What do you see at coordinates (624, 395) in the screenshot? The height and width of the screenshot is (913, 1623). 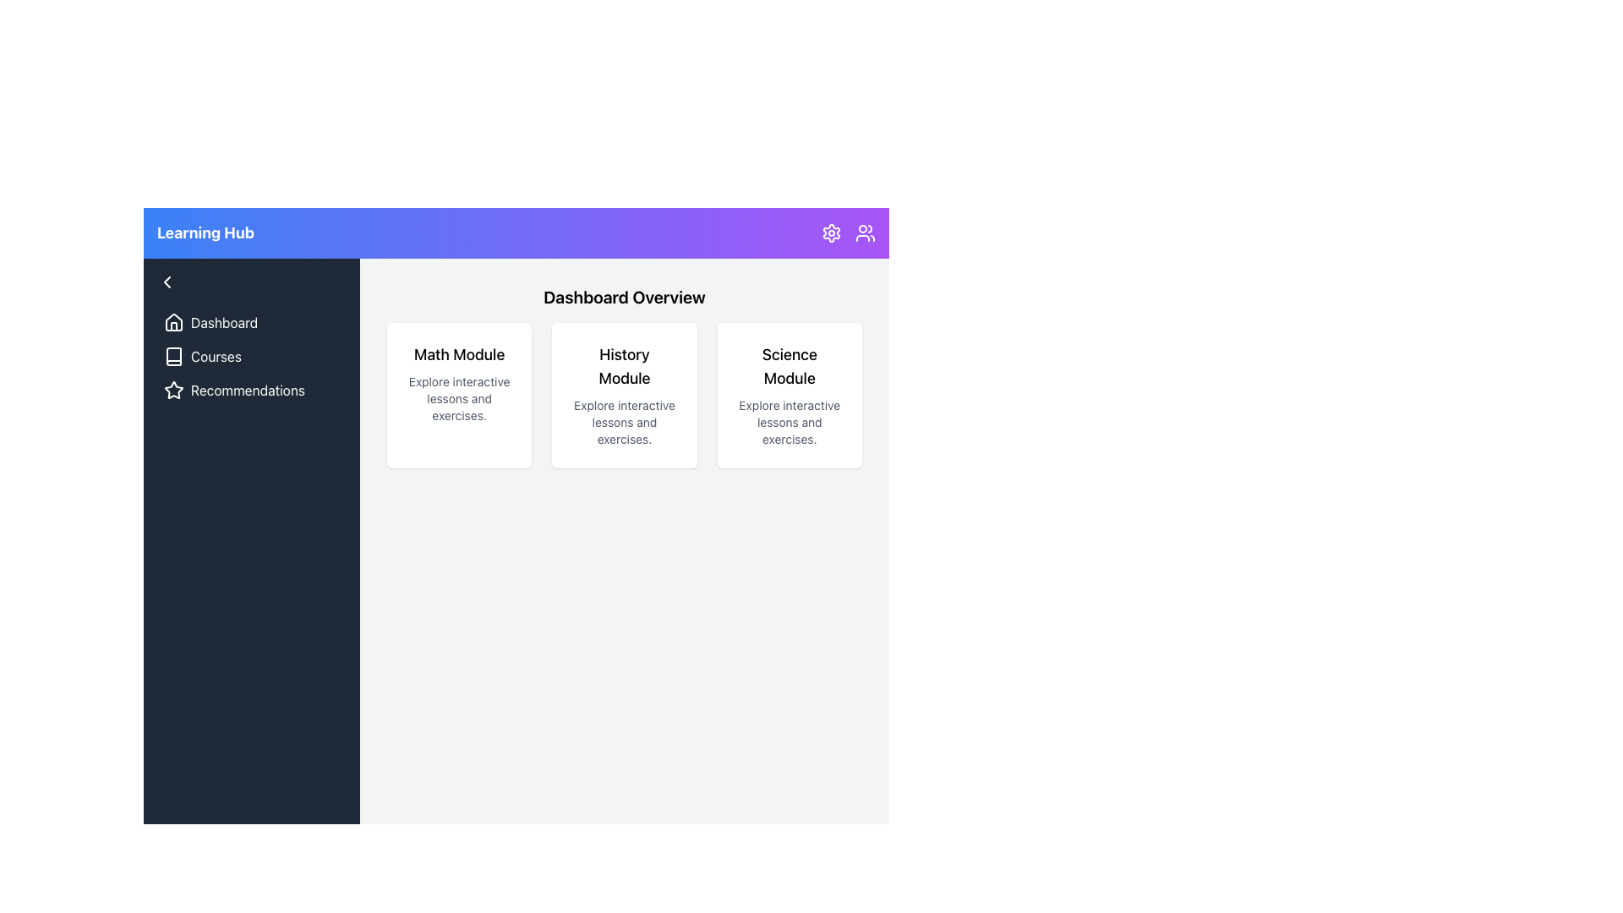 I see `the 'History Module' card, which is the second card in a series of three under 'Dashboard Overview'` at bounding box center [624, 395].